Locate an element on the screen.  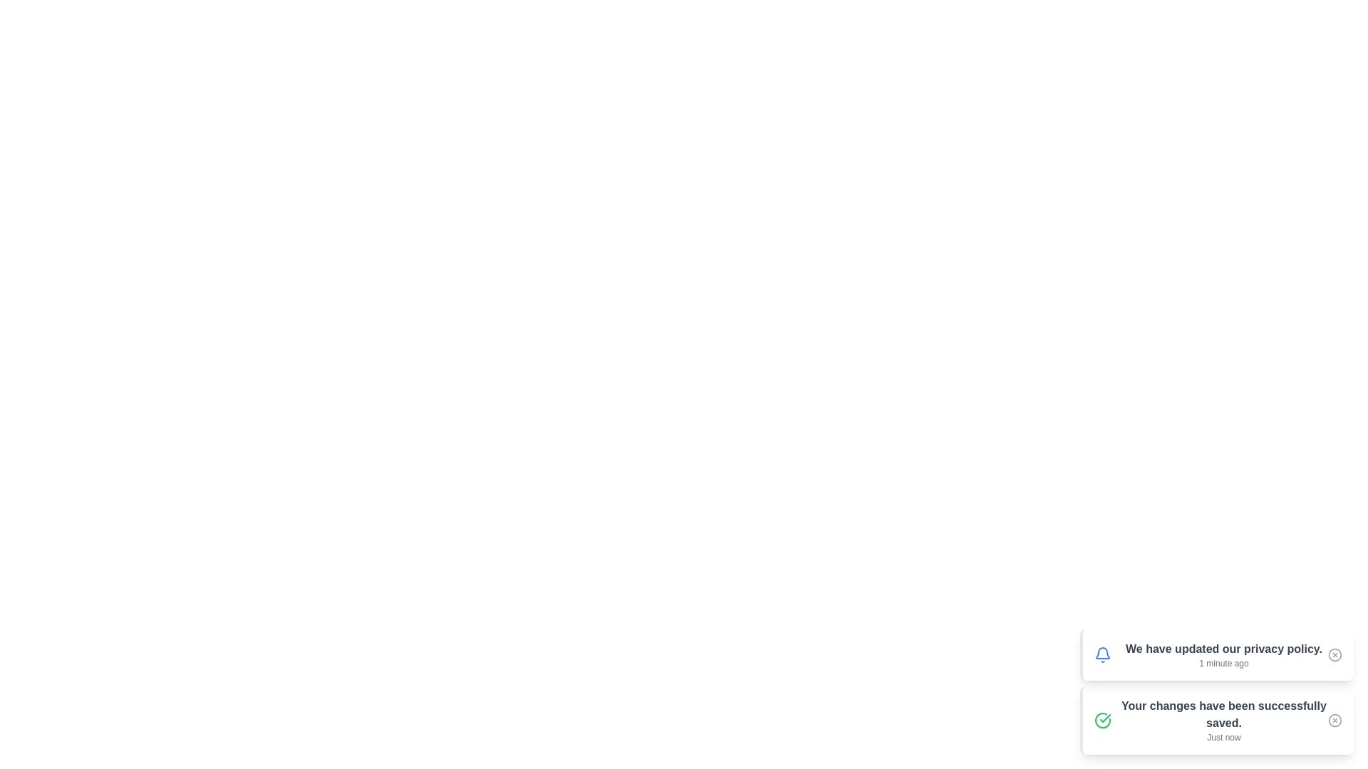
the notification with content 'We have updated our privacy policy.' is located at coordinates (1216, 655).